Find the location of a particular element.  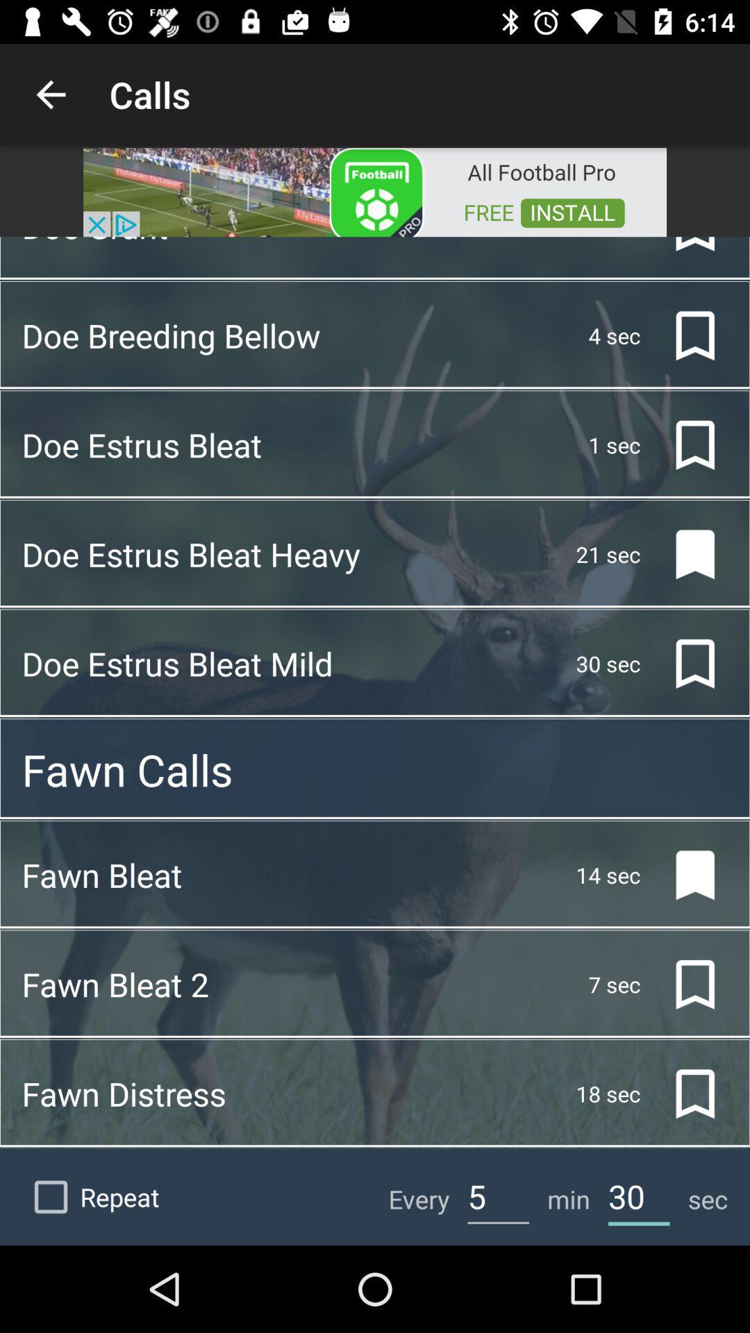

the bookmark icon is located at coordinates (683, 874).